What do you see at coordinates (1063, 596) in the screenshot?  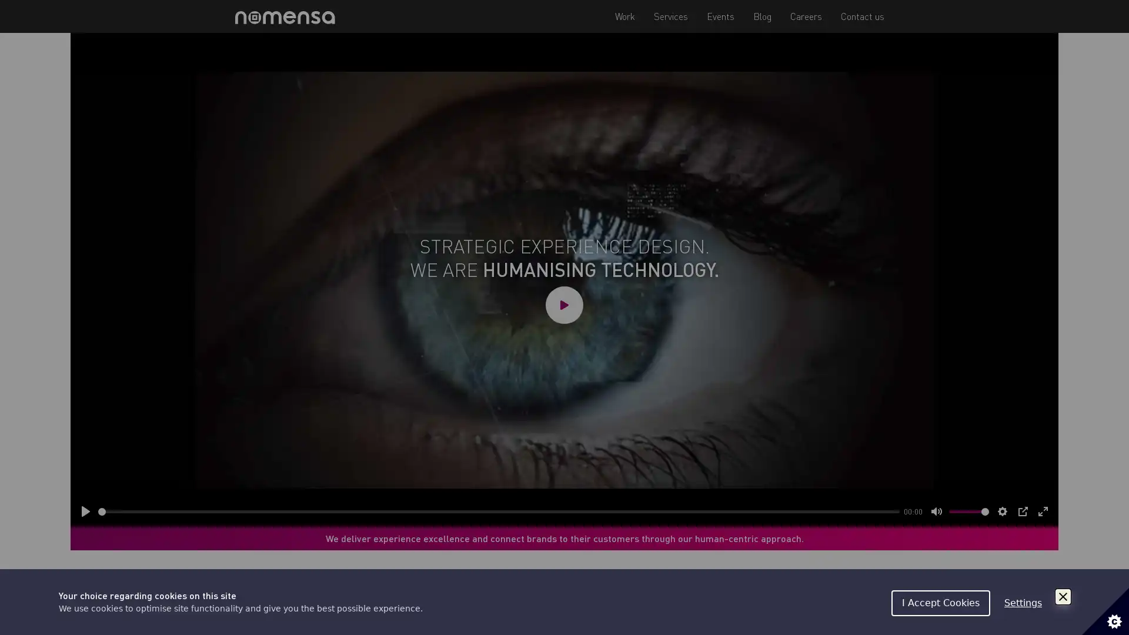 I see `Close Cookie Control` at bounding box center [1063, 596].